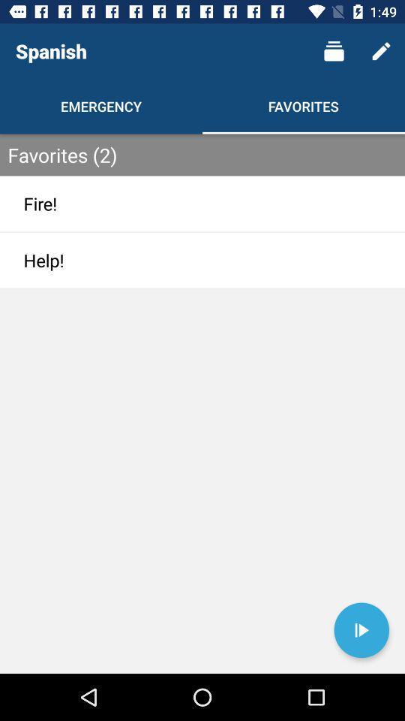 This screenshot has width=405, height=721. Describe the element at coordinates (334, 51) in the screenshot. I see `icon to the right of spanish item` at that location.